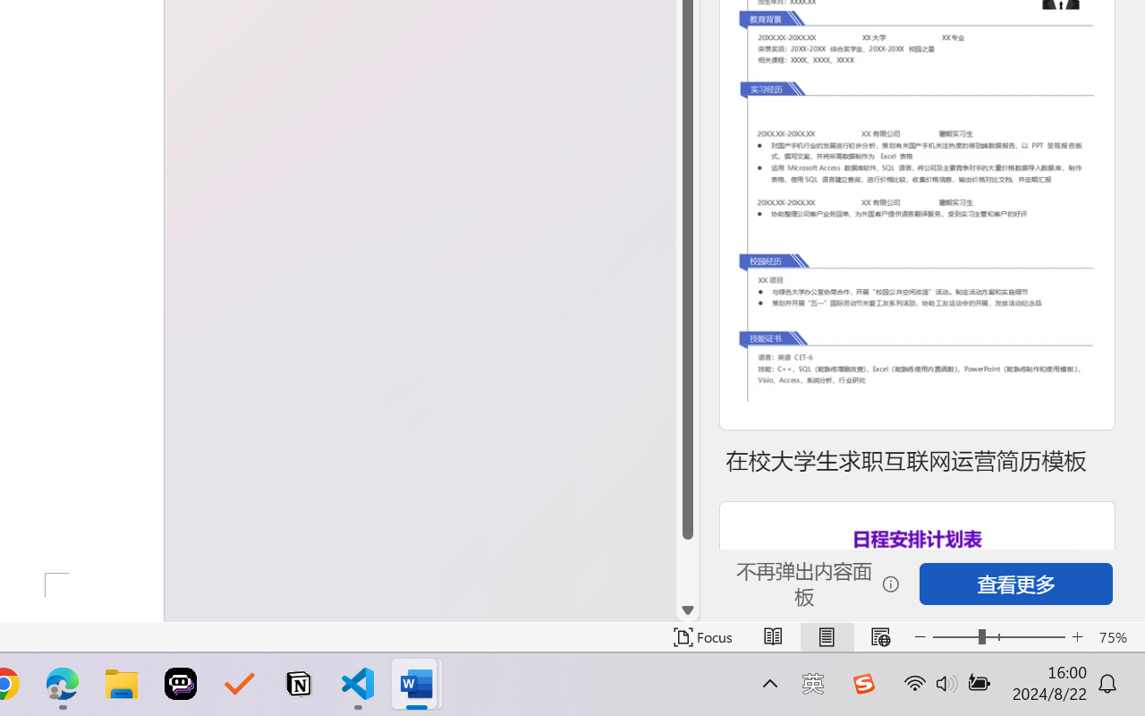 The width and height of the screenshot is (1145, 716). I want to click on 'Zoom', so click(997, 636).